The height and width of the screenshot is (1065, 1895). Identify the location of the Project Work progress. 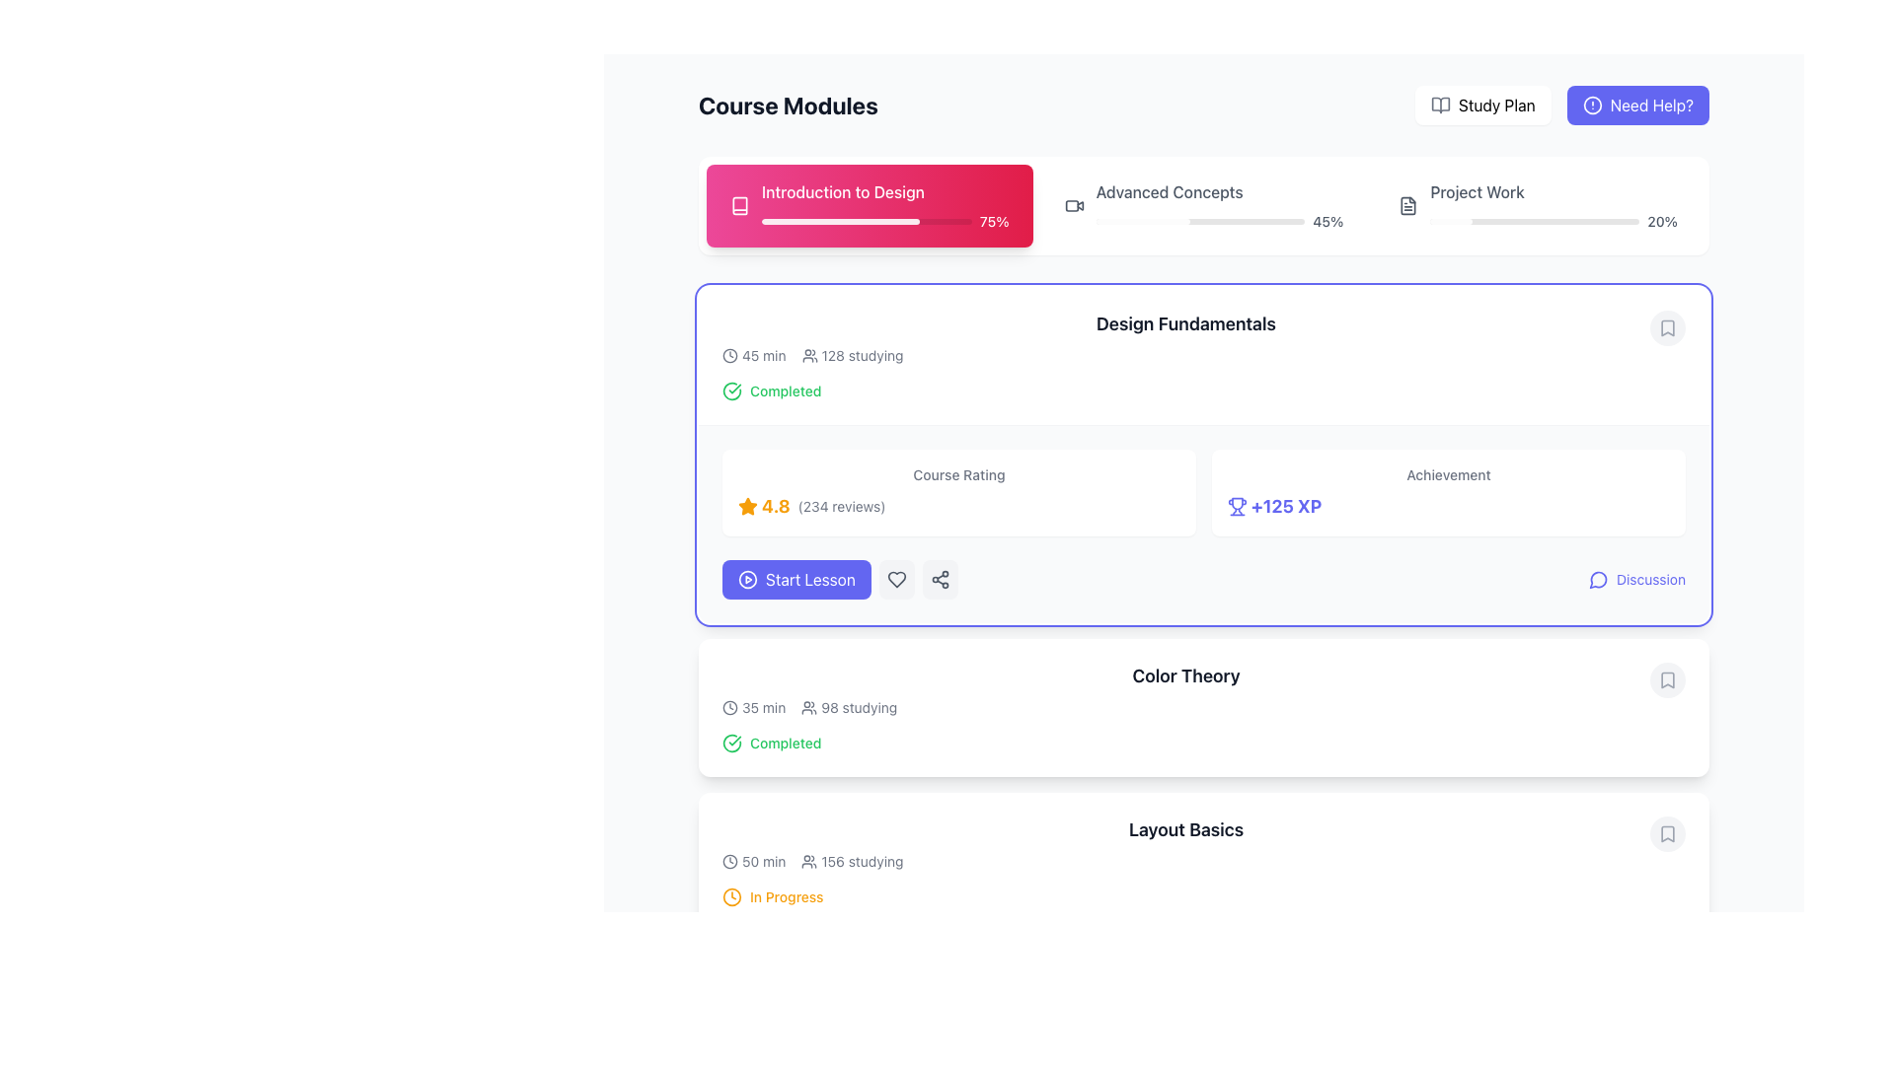
(1627, 221).